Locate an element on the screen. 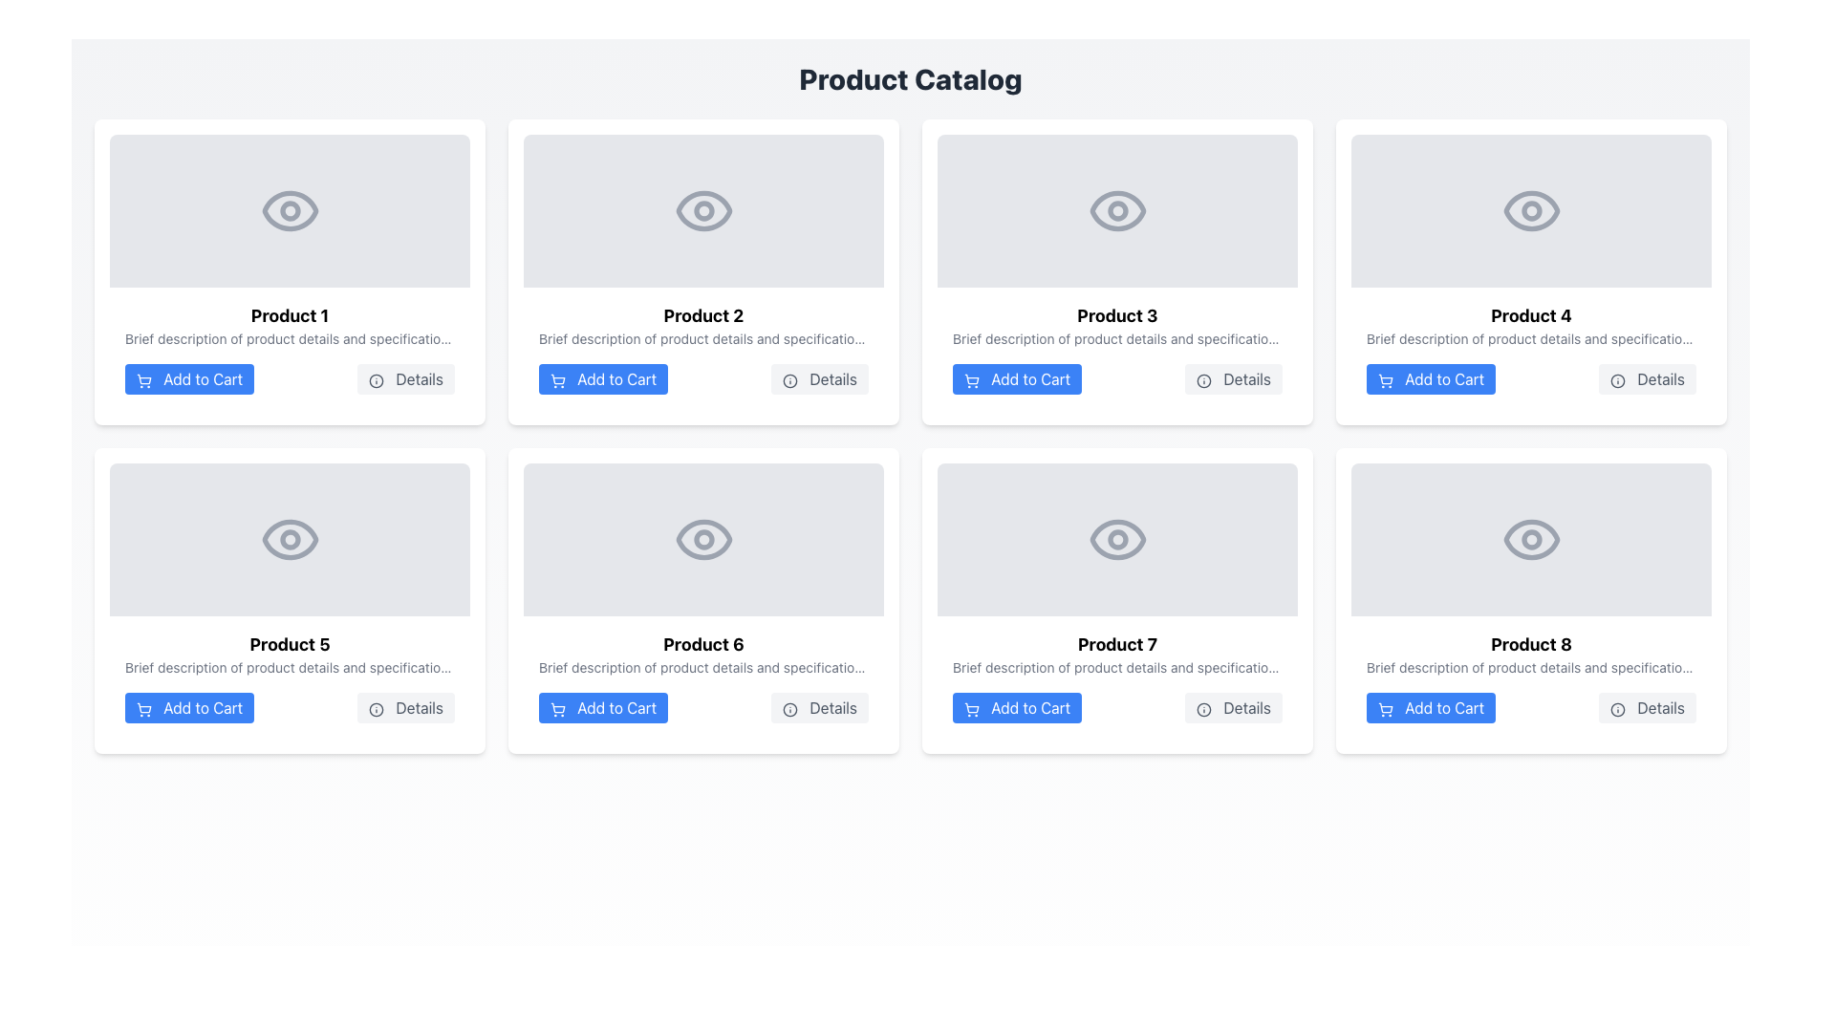 Image resolution: width=1835 pixels, height=1032 pixels. the shopping cart icon representing the 'Add to Cart' action located on the blue button below the 'Product 3' card in the product catalog is located at coordinates (972, 378).